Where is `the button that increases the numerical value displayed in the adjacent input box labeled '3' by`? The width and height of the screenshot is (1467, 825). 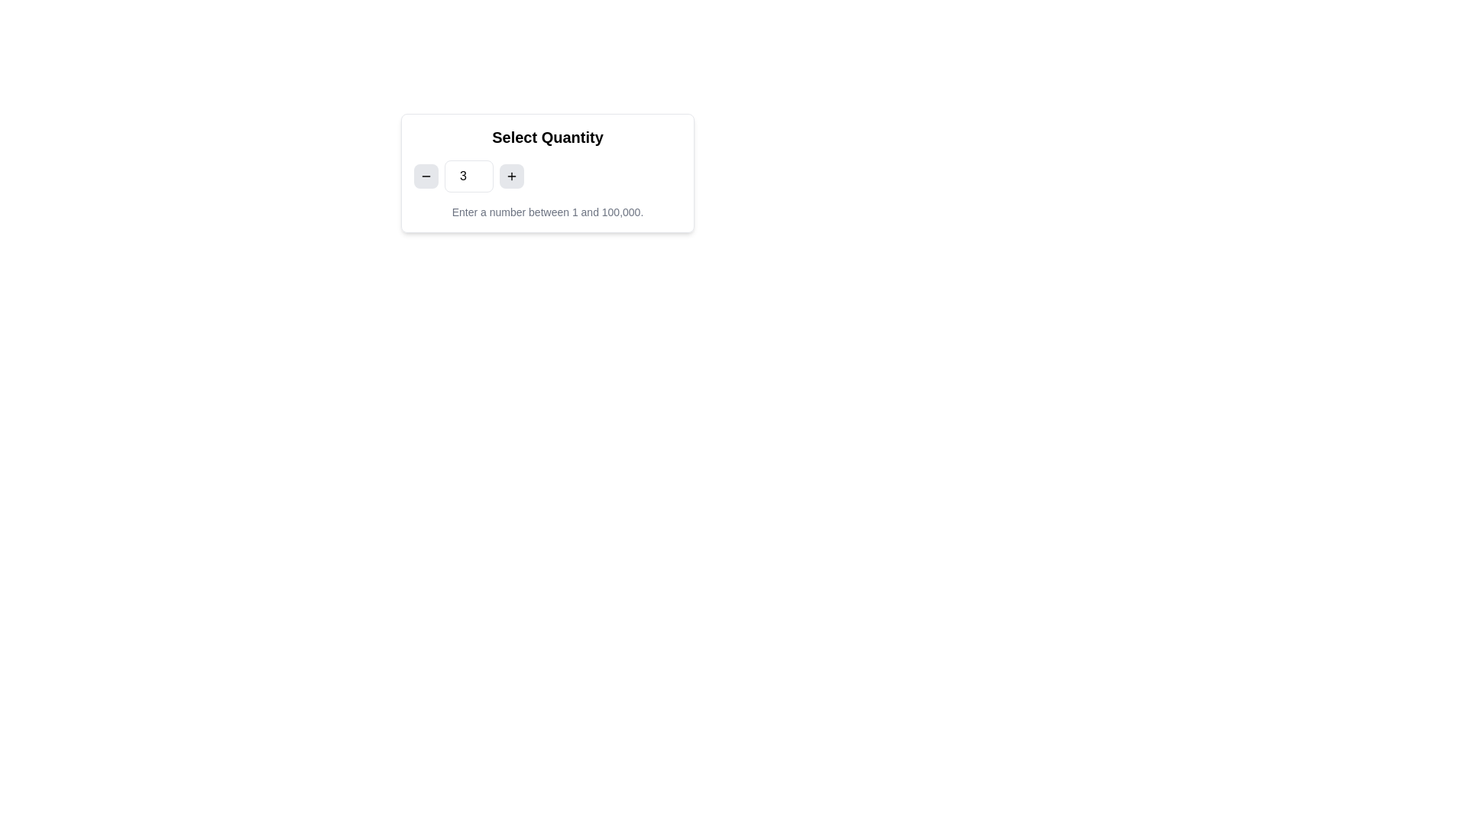 the button that increases the numerical value displayed in the adjacent input box labeled '3' by is located at coordinates (512, 176).